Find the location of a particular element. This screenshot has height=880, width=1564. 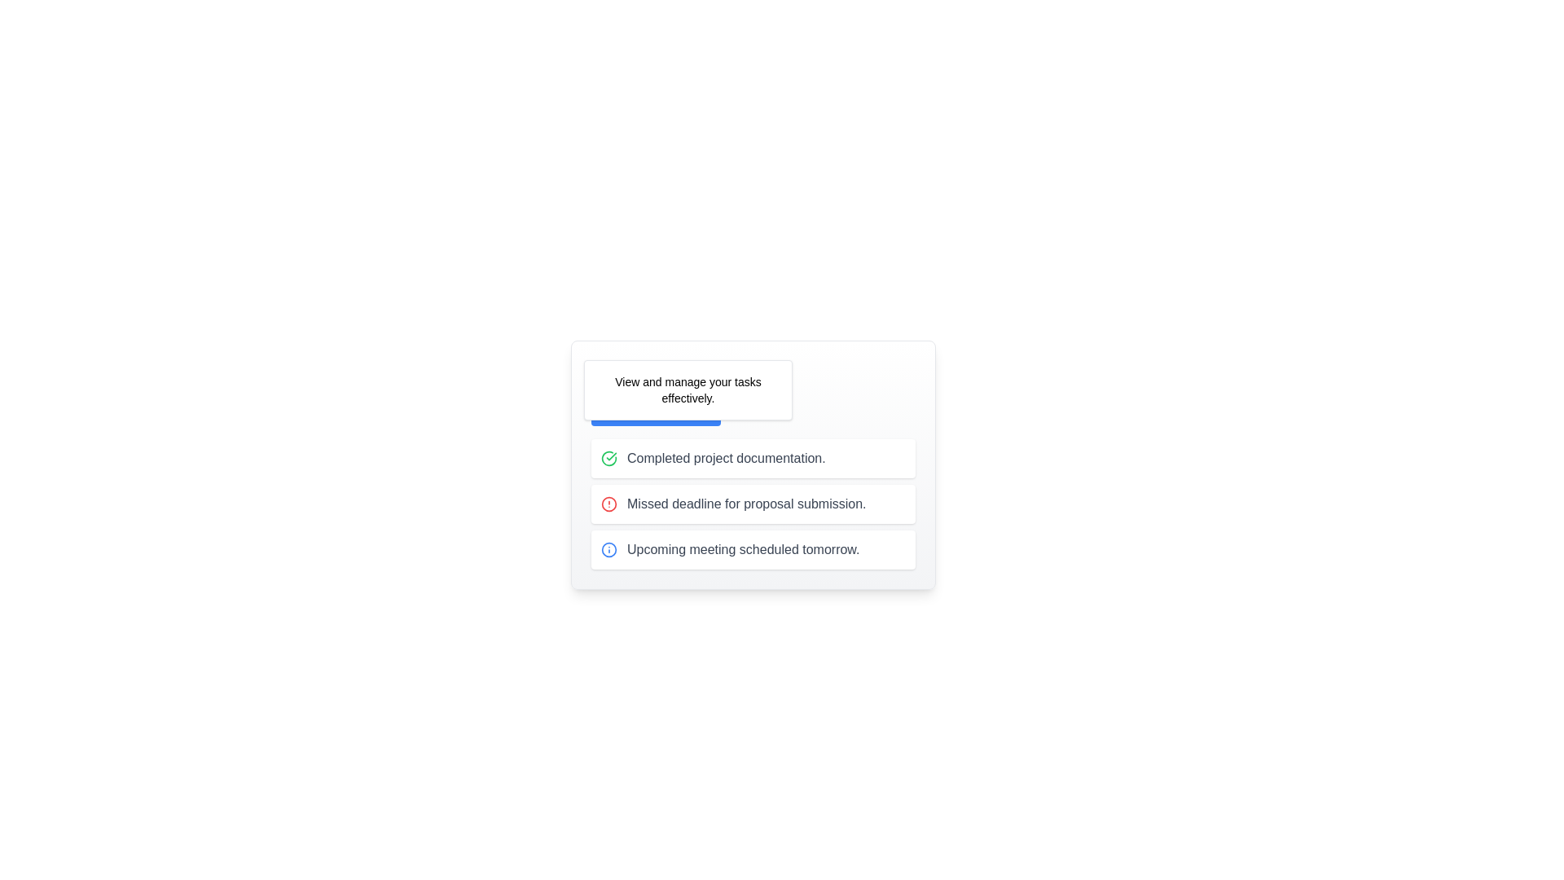

the SVG Circle Element that represents a part of a warning or alert icon, located to the left of the text 'Missed deadline for proposal submission' is located at coordinates (608, 503).